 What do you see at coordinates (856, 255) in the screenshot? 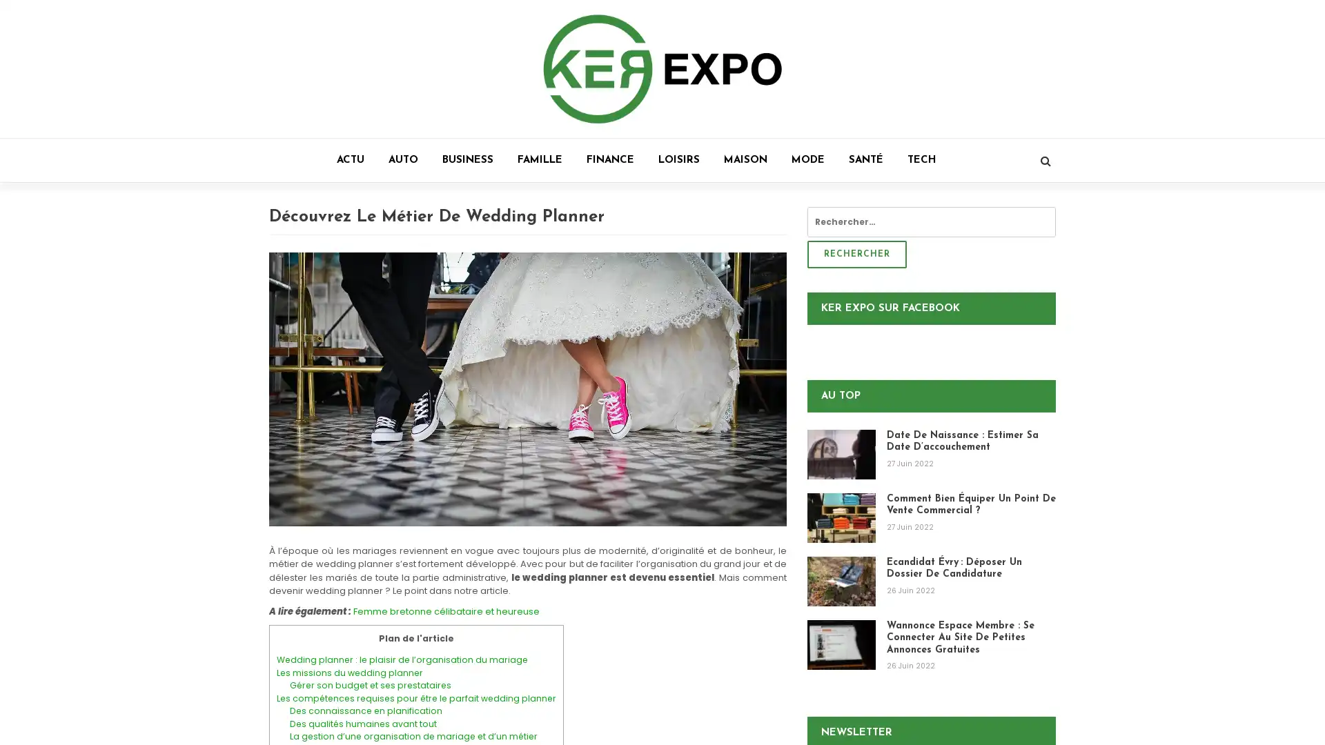
I see `Rechercher` at bounding box center [856, 255].